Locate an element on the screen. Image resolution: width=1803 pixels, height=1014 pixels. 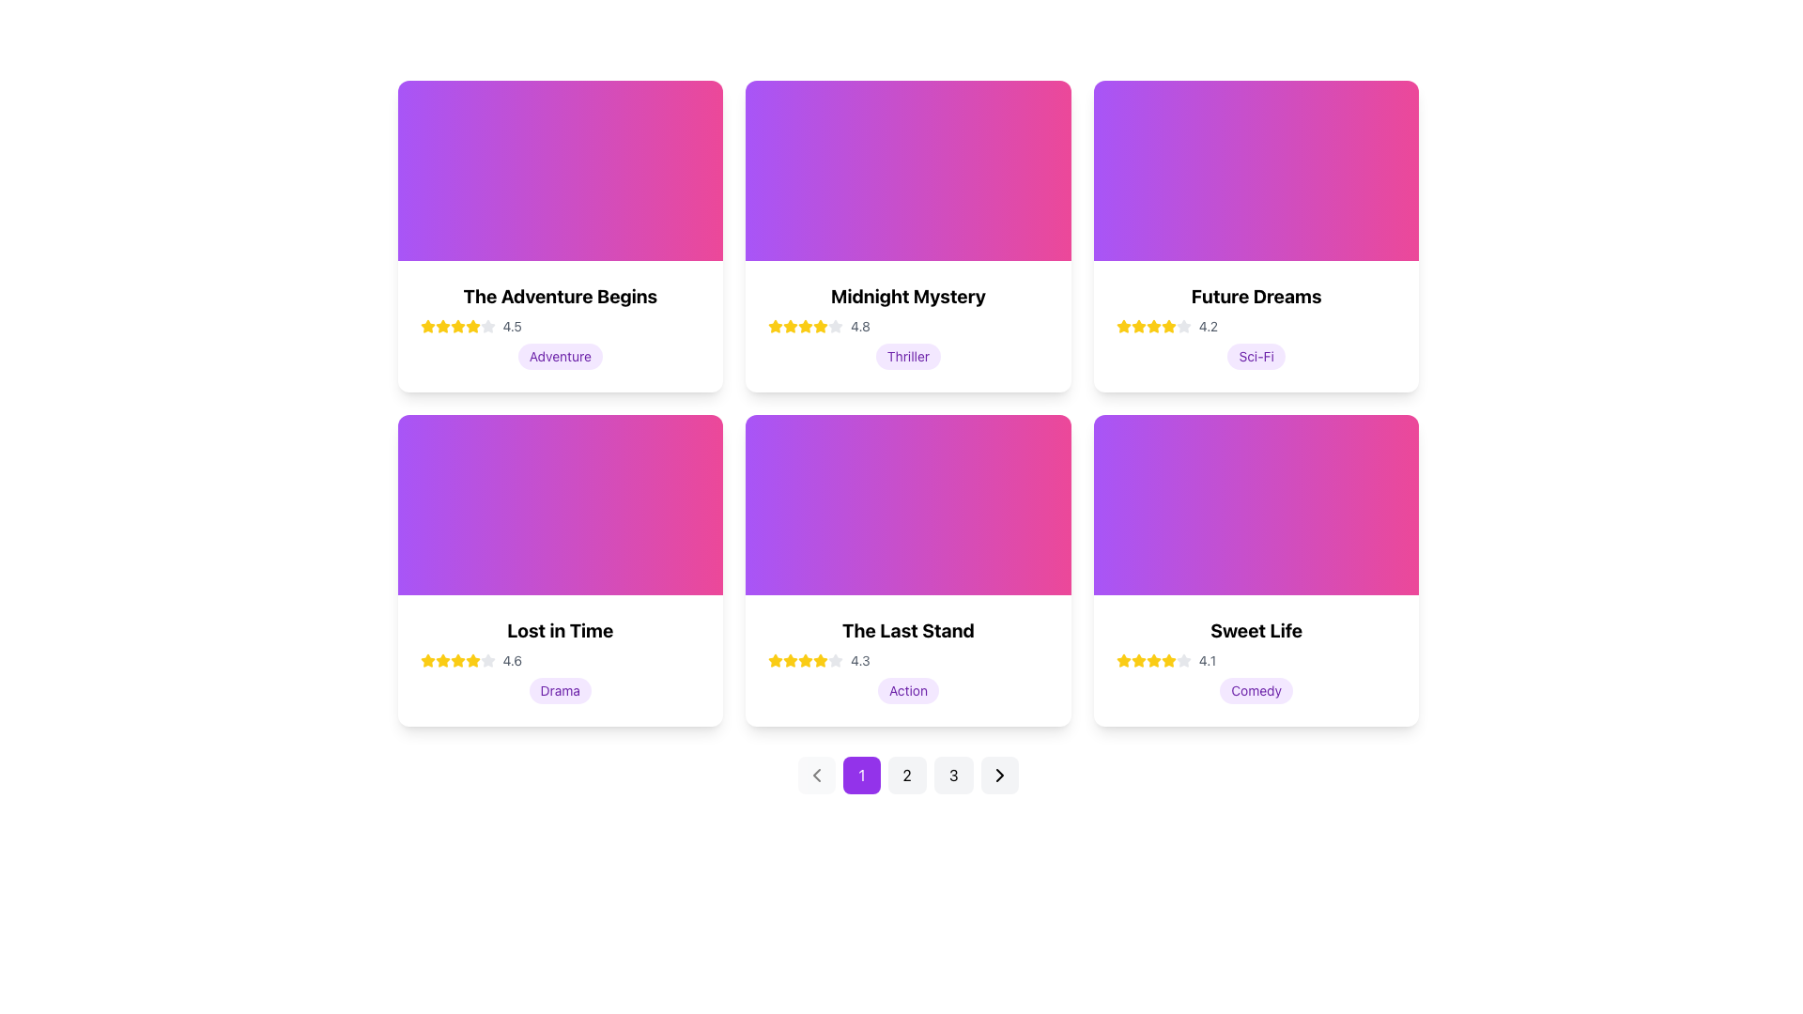
the fourth yellow star icon is located at coordinates (1167, 659).